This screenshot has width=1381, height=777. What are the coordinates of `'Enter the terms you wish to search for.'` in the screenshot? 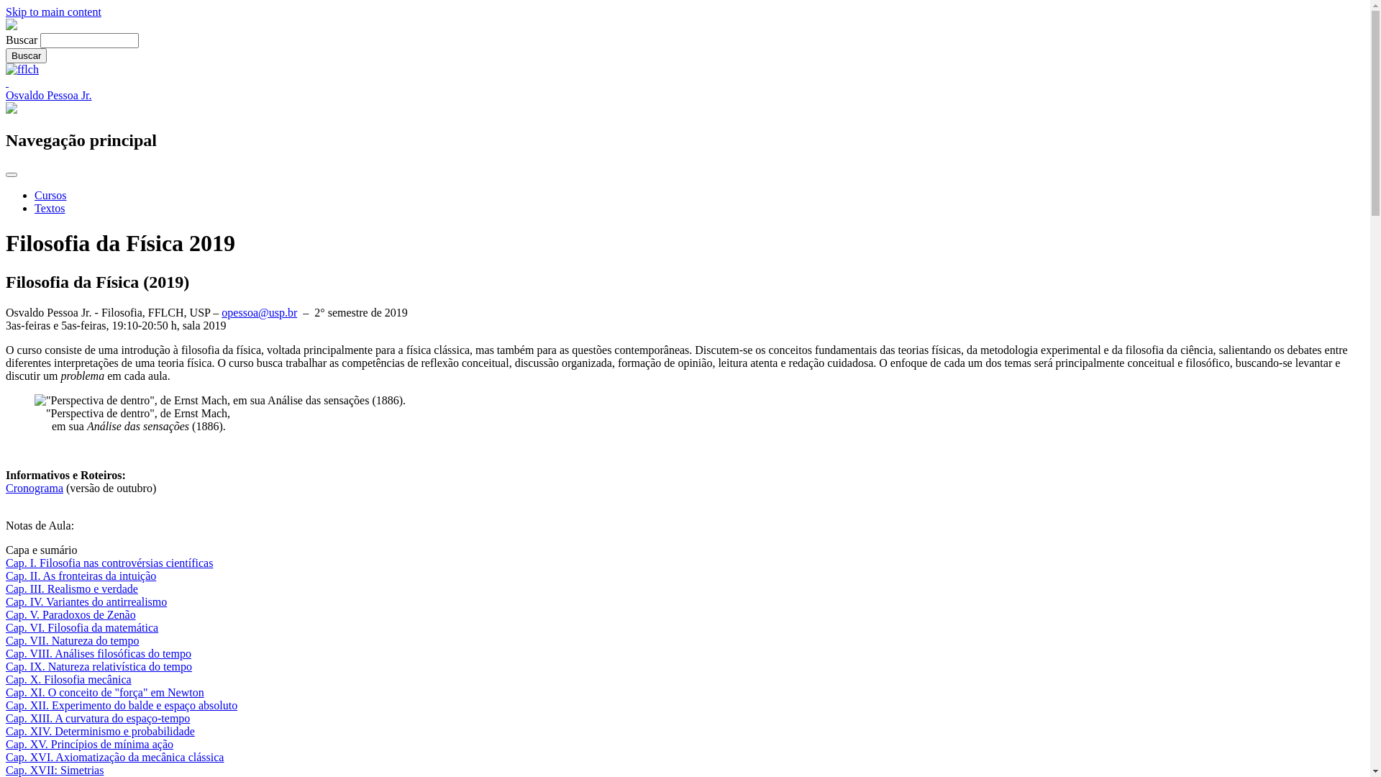 It's located at (88, 40).